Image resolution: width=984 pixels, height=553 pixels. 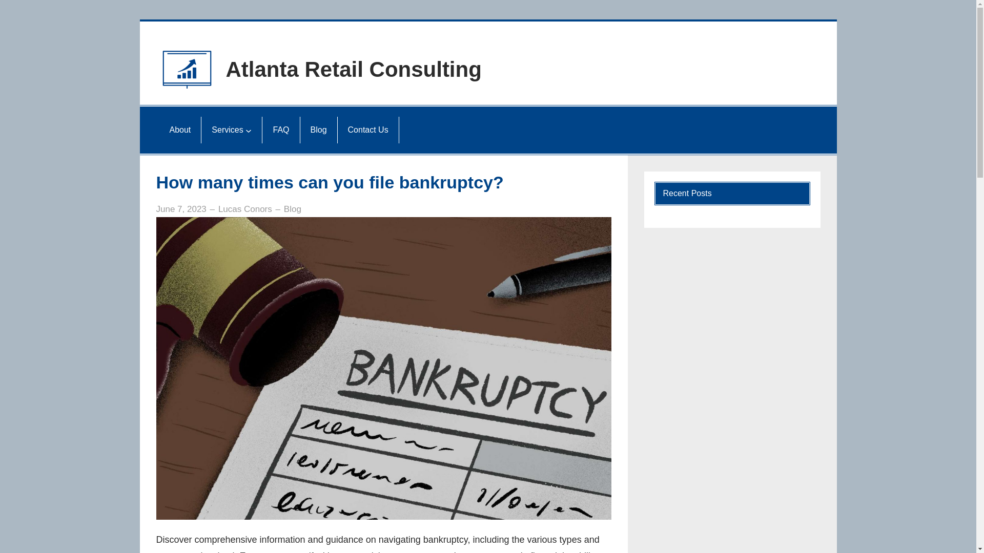 What do you see at coordinates (283, 208) in the screenshot?
I see `'Blog'` at bounding box center [283, 208].